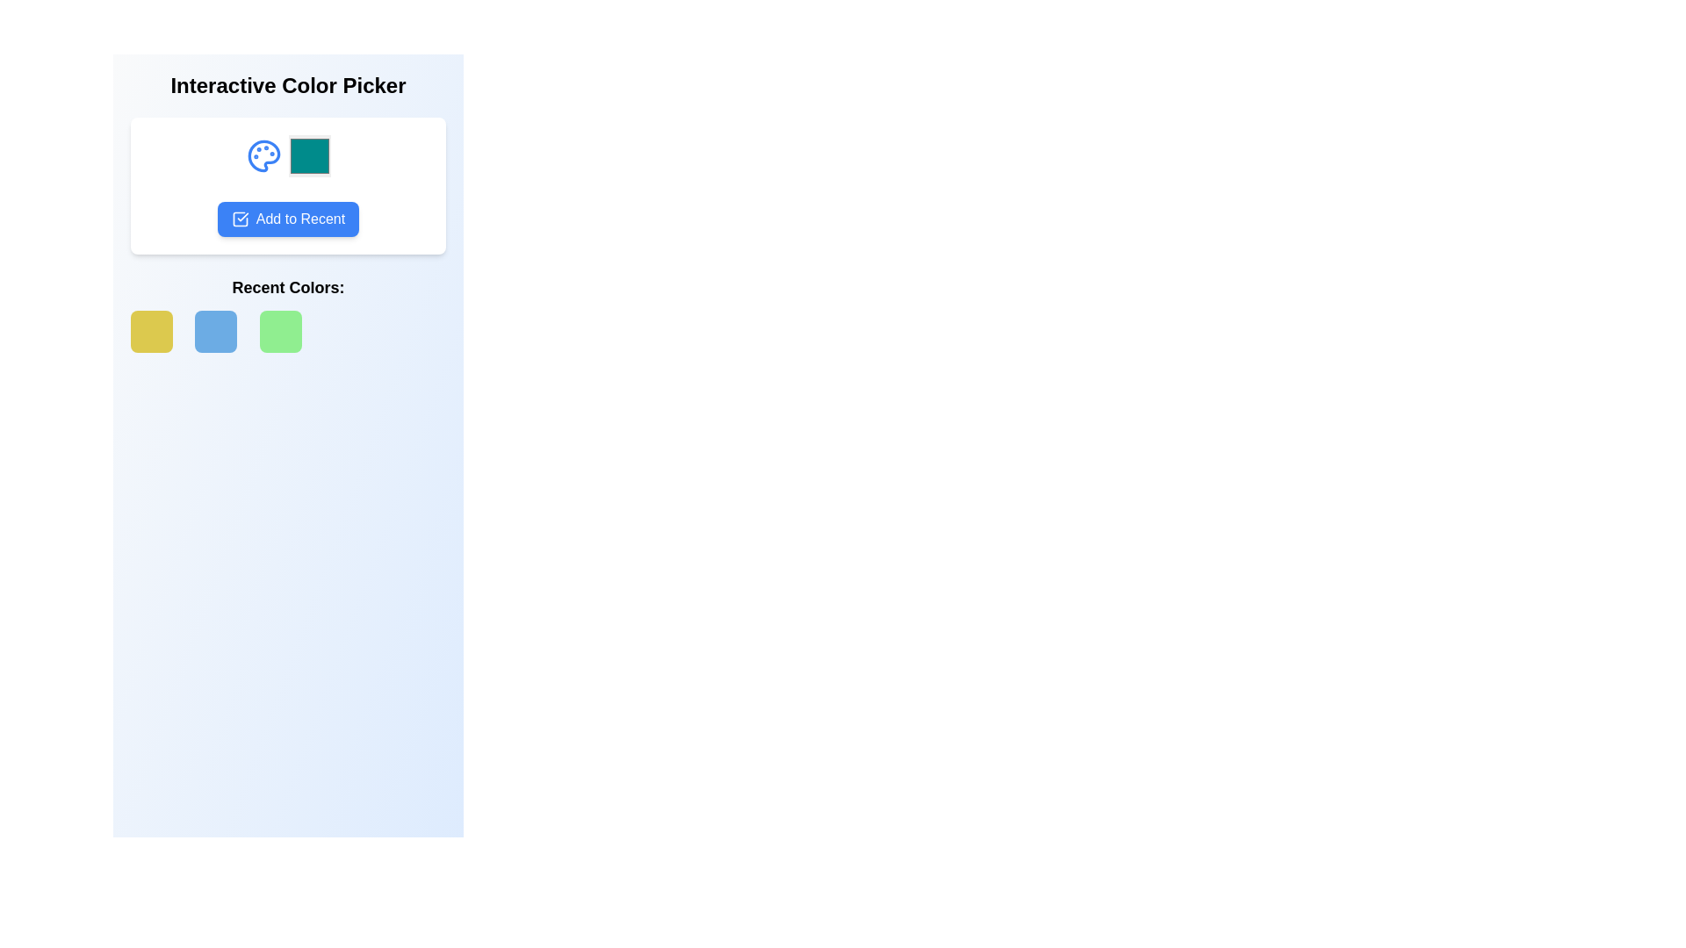  I want to click on the second color swatch in the 'Recent Colors' section, so click(215, 332).